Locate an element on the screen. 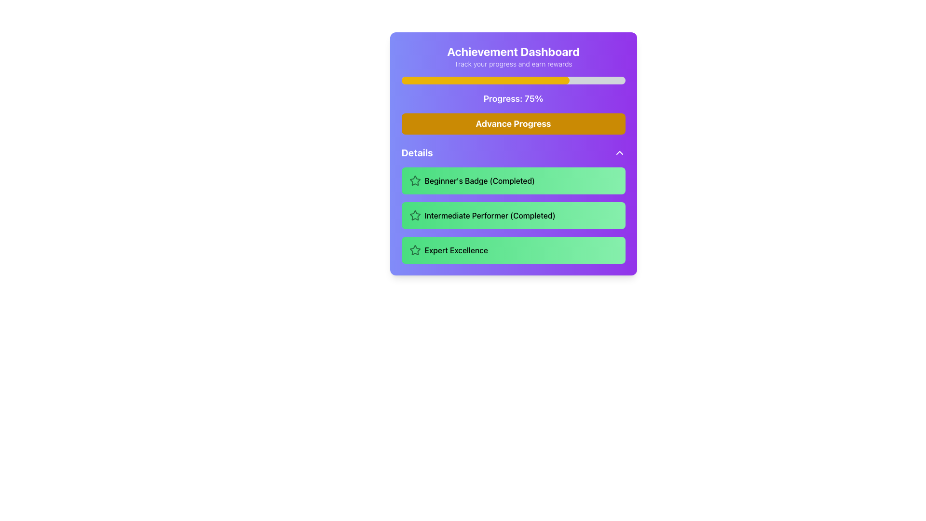  the 'Beginner's Badge (Completed)' text label with the star icon is located at coordinates (513, 180).